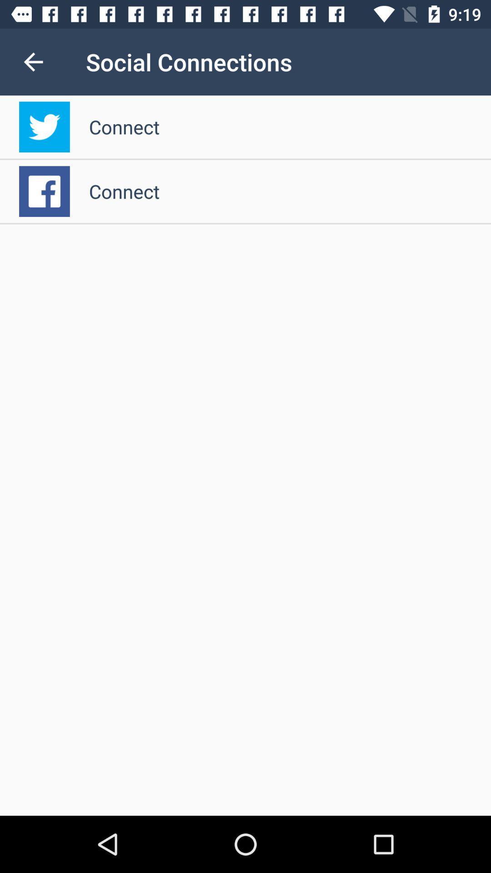  What do you see at coordinates (33, 61) in the screenshot?
I see `item to the left of social connections` at bounding box center [33, 61].